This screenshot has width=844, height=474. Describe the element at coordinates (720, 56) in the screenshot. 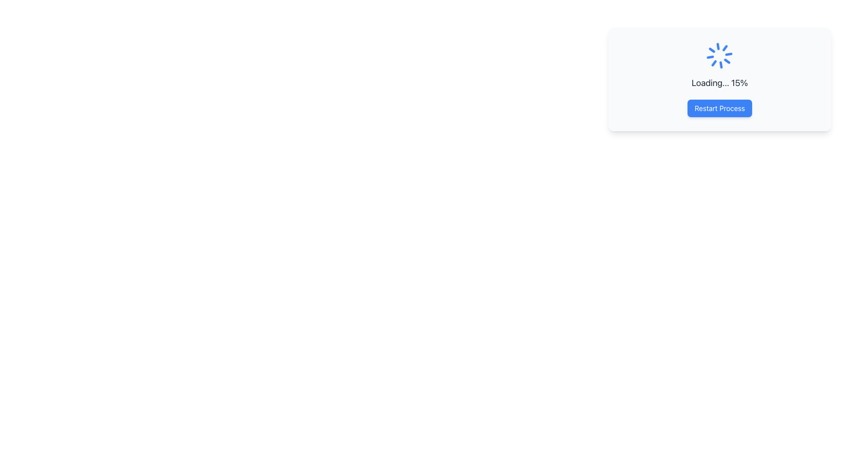

I see `the circular animated loader icon with blue radial lines, which is located above the 'Loading... 5%' text` at that location.